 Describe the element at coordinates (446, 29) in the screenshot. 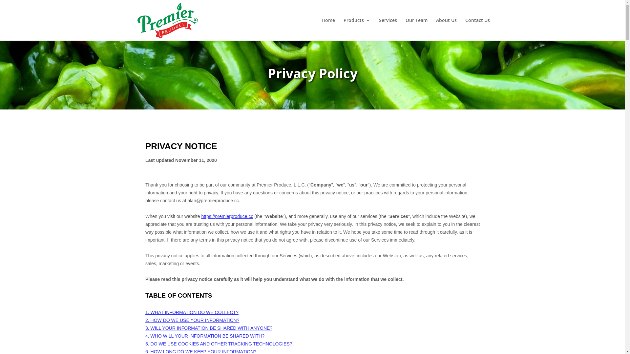

I see `'About Us'` at that location.